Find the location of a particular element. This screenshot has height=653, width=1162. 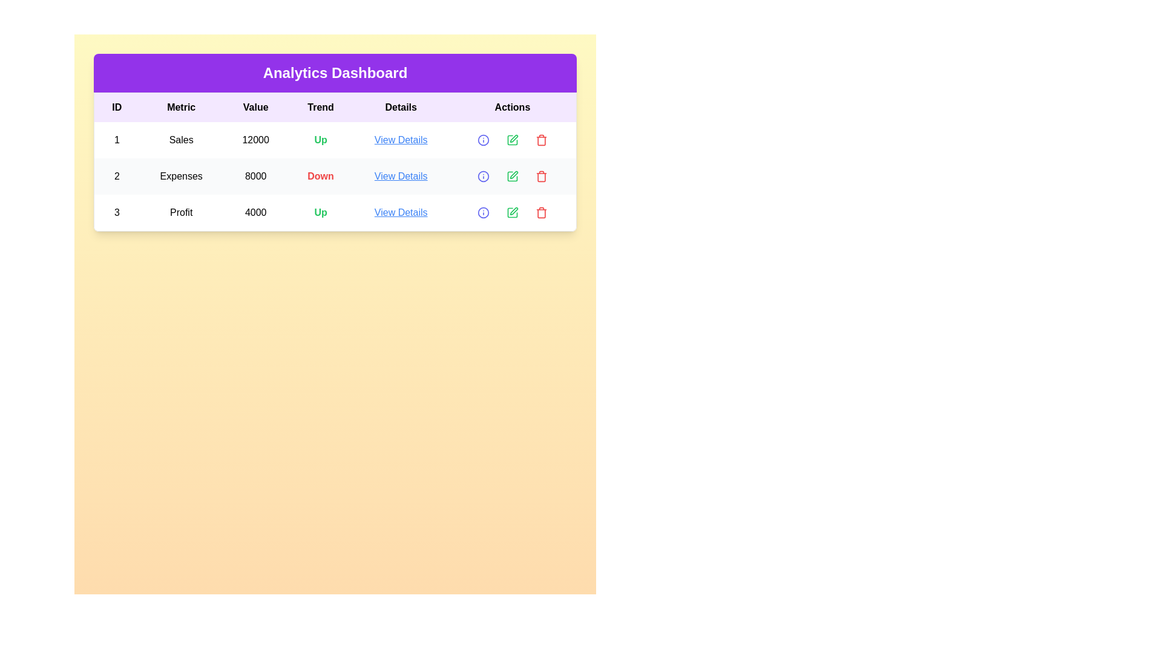

the green pencil icon in the last row of the table under the 'Actions' column is located at coordinates (512, 212).